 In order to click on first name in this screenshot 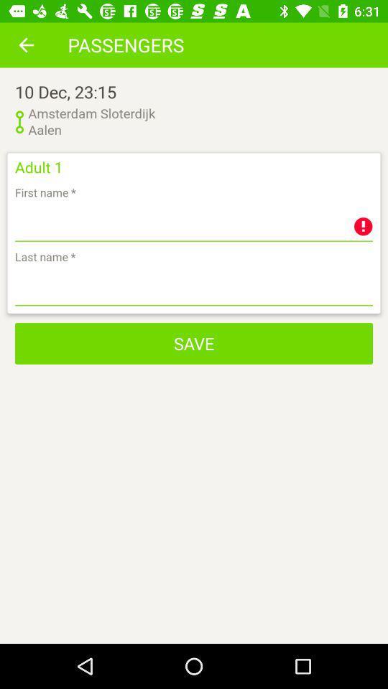, I will do `click(194, 222)`.